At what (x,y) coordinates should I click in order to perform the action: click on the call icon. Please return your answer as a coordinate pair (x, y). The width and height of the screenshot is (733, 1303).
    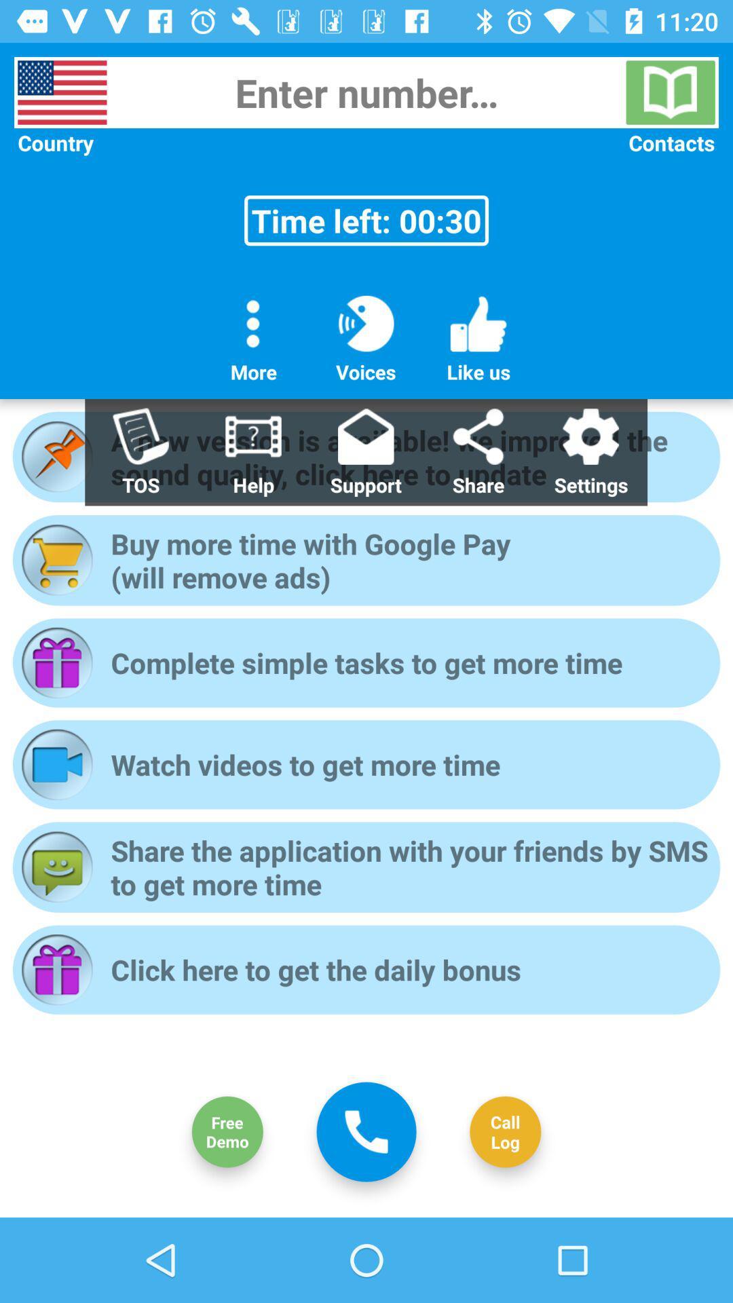
    Looking at the image, I should click on (366, 1131).